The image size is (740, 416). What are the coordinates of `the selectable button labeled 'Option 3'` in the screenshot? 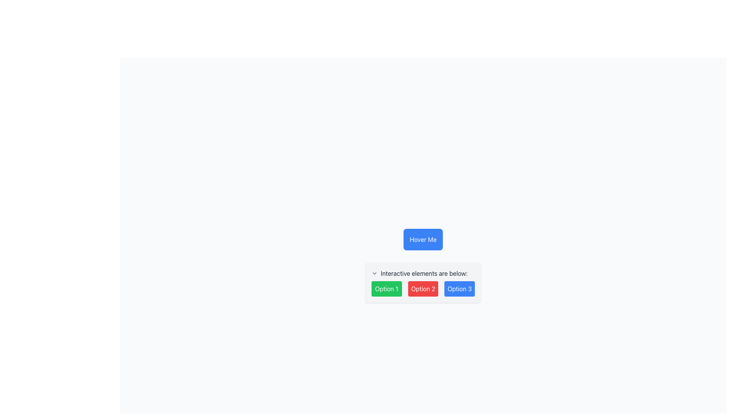 It's located at (459, 289).